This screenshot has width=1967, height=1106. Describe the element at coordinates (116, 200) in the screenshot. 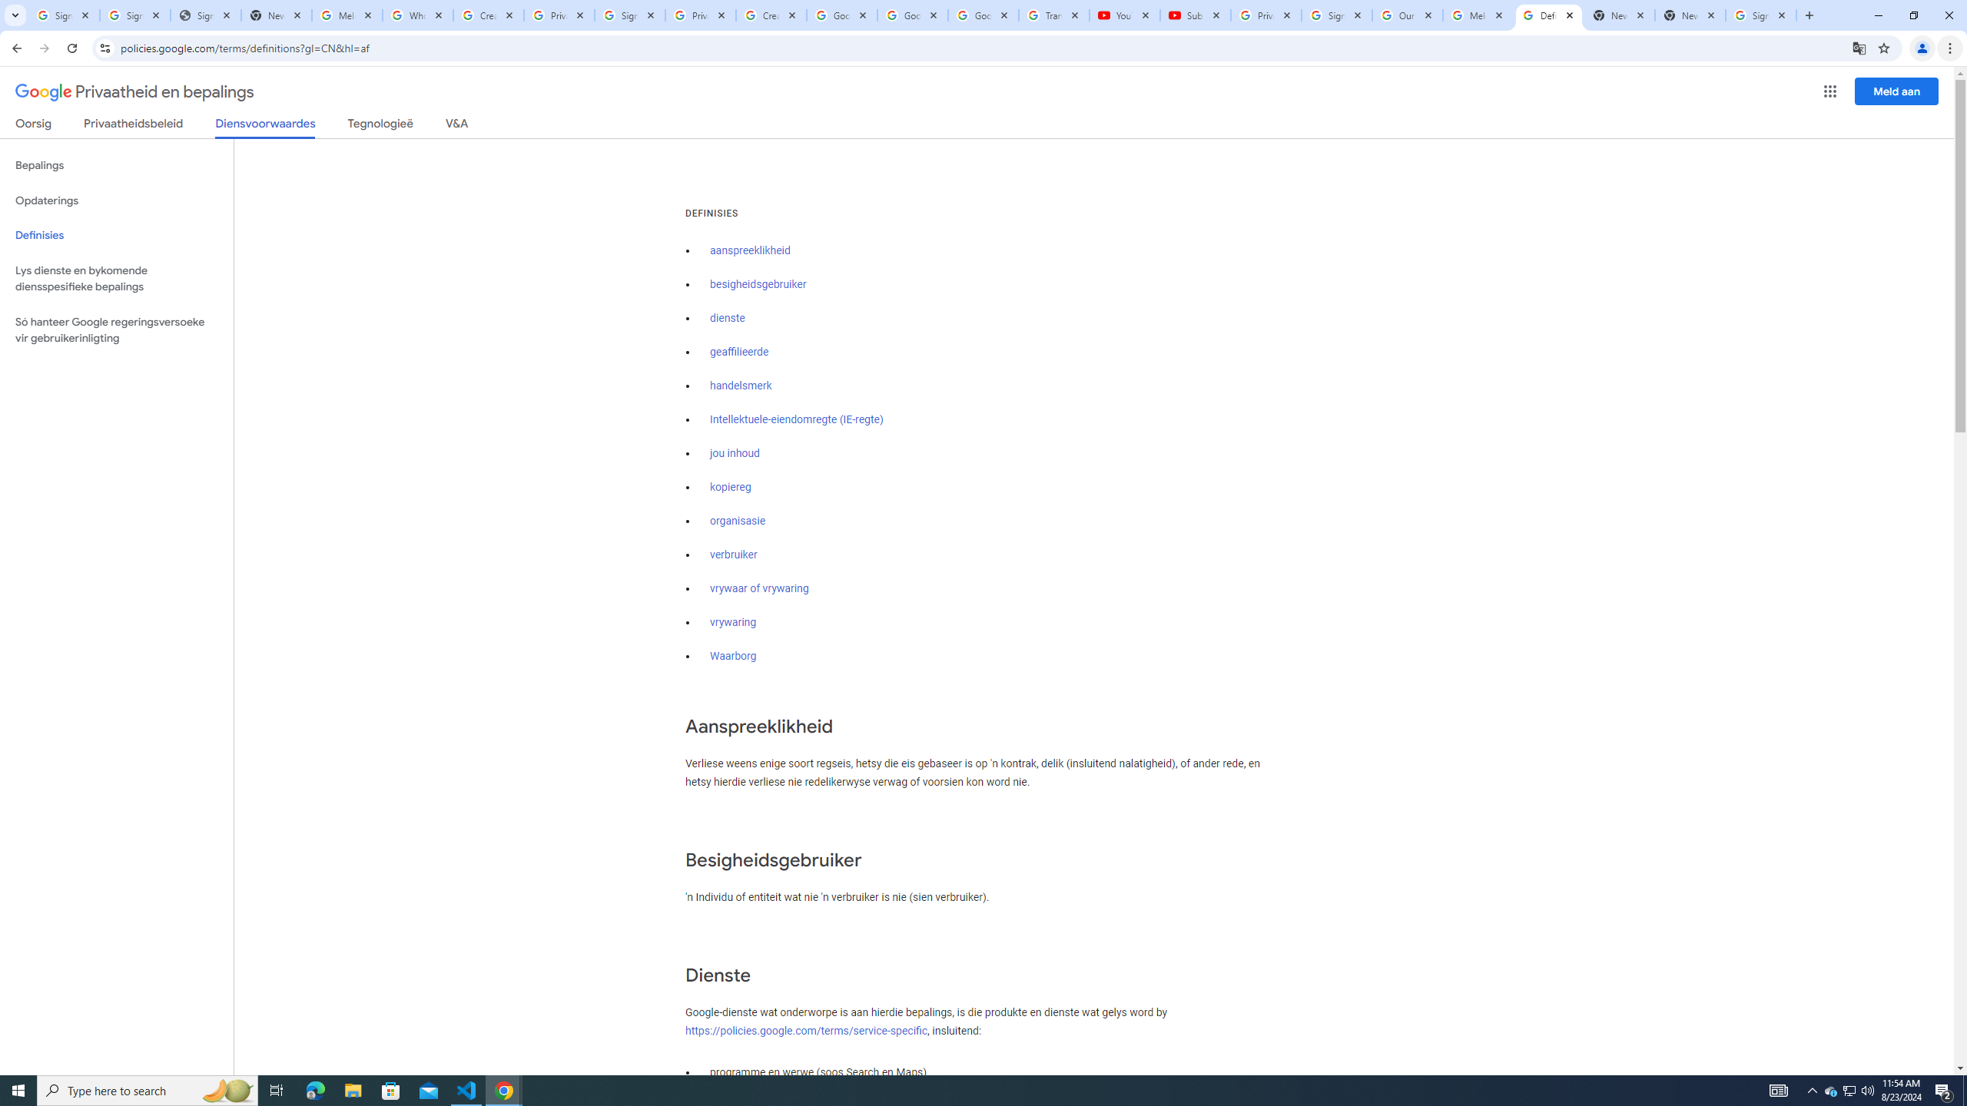

I see `'Opdaterings'` at that location.